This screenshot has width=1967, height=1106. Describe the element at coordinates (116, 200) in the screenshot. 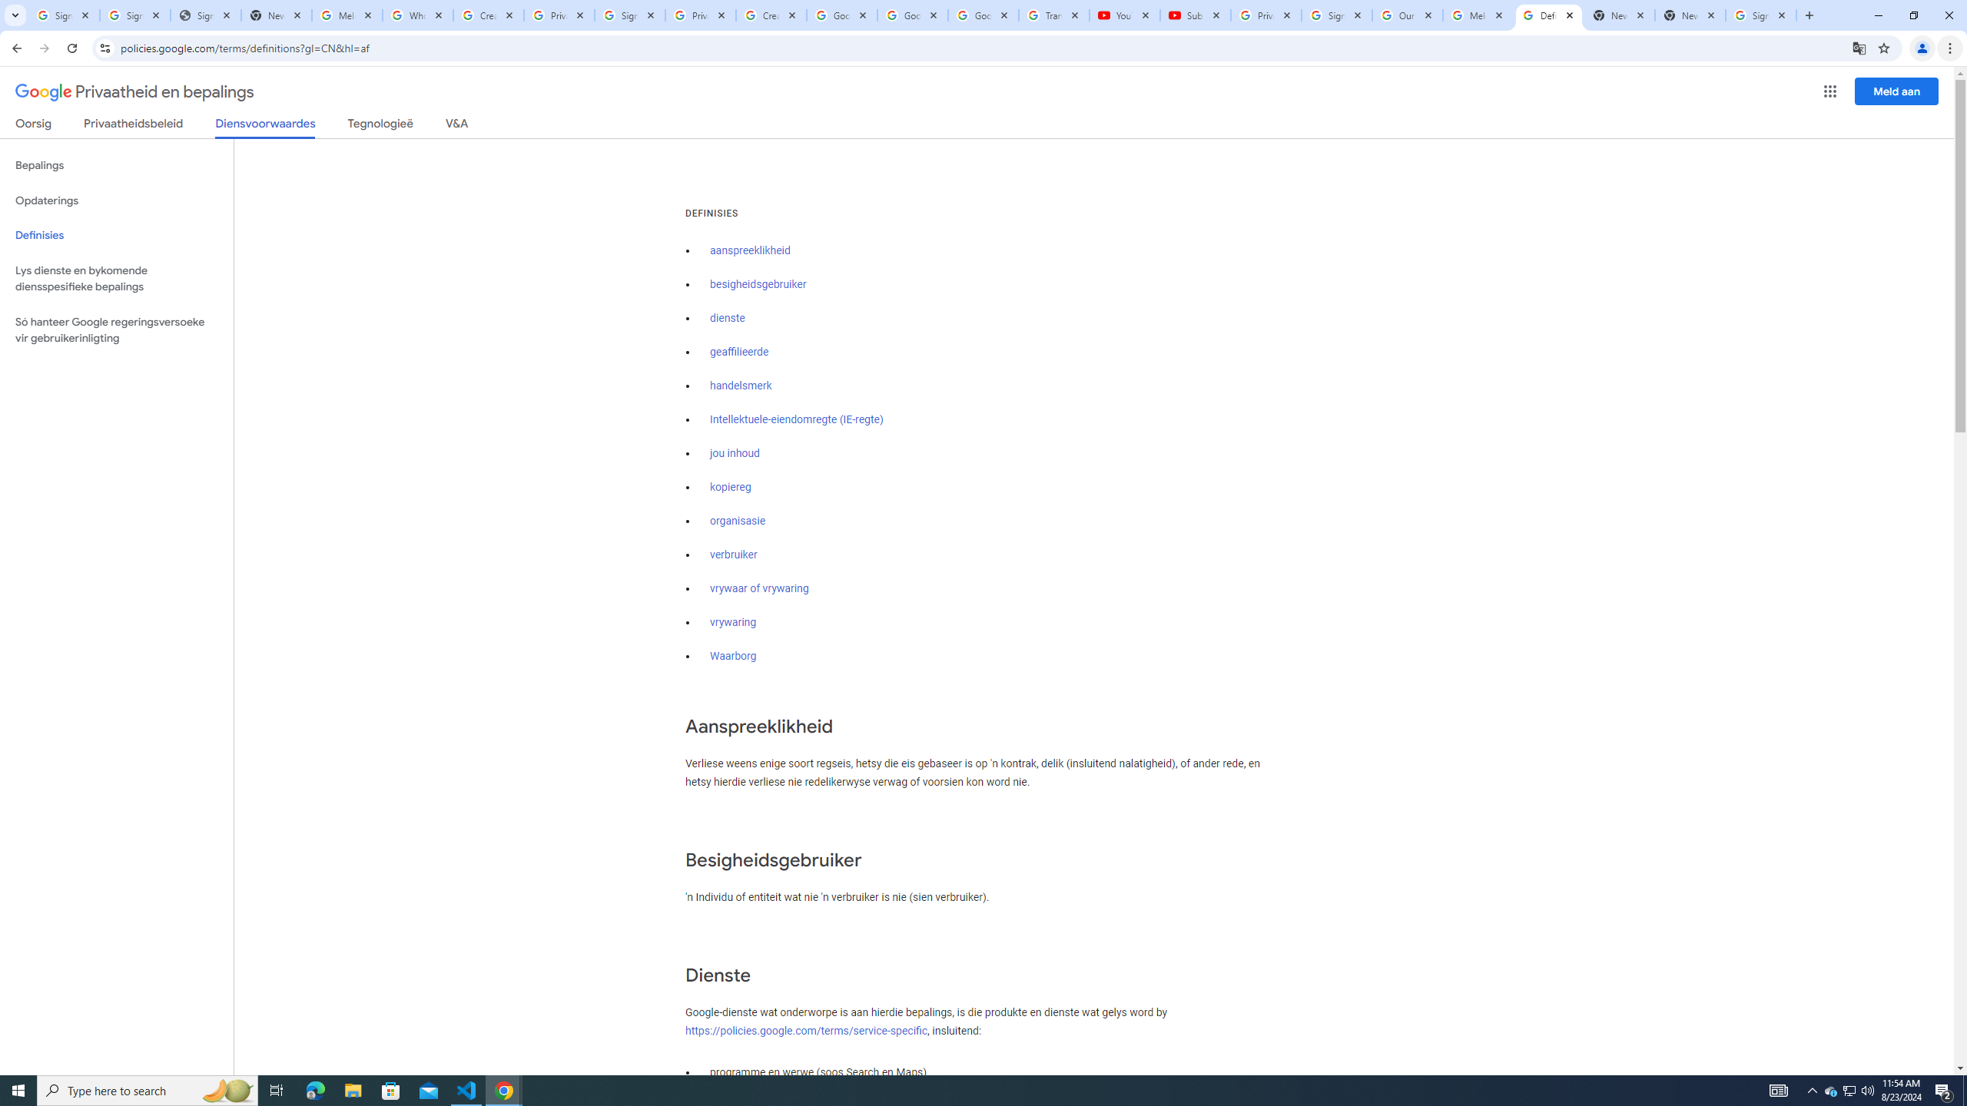

I see `'Opdaterings'` at that location.